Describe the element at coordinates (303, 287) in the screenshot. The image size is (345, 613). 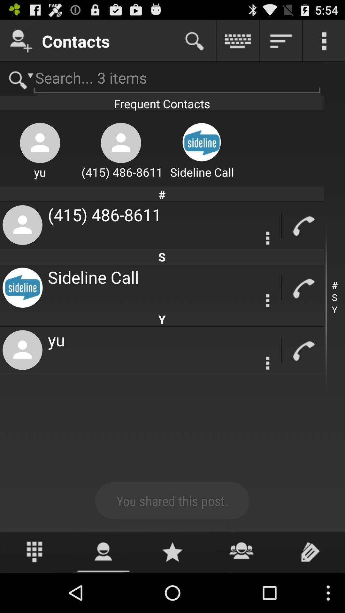
I see `start the call` at that location.